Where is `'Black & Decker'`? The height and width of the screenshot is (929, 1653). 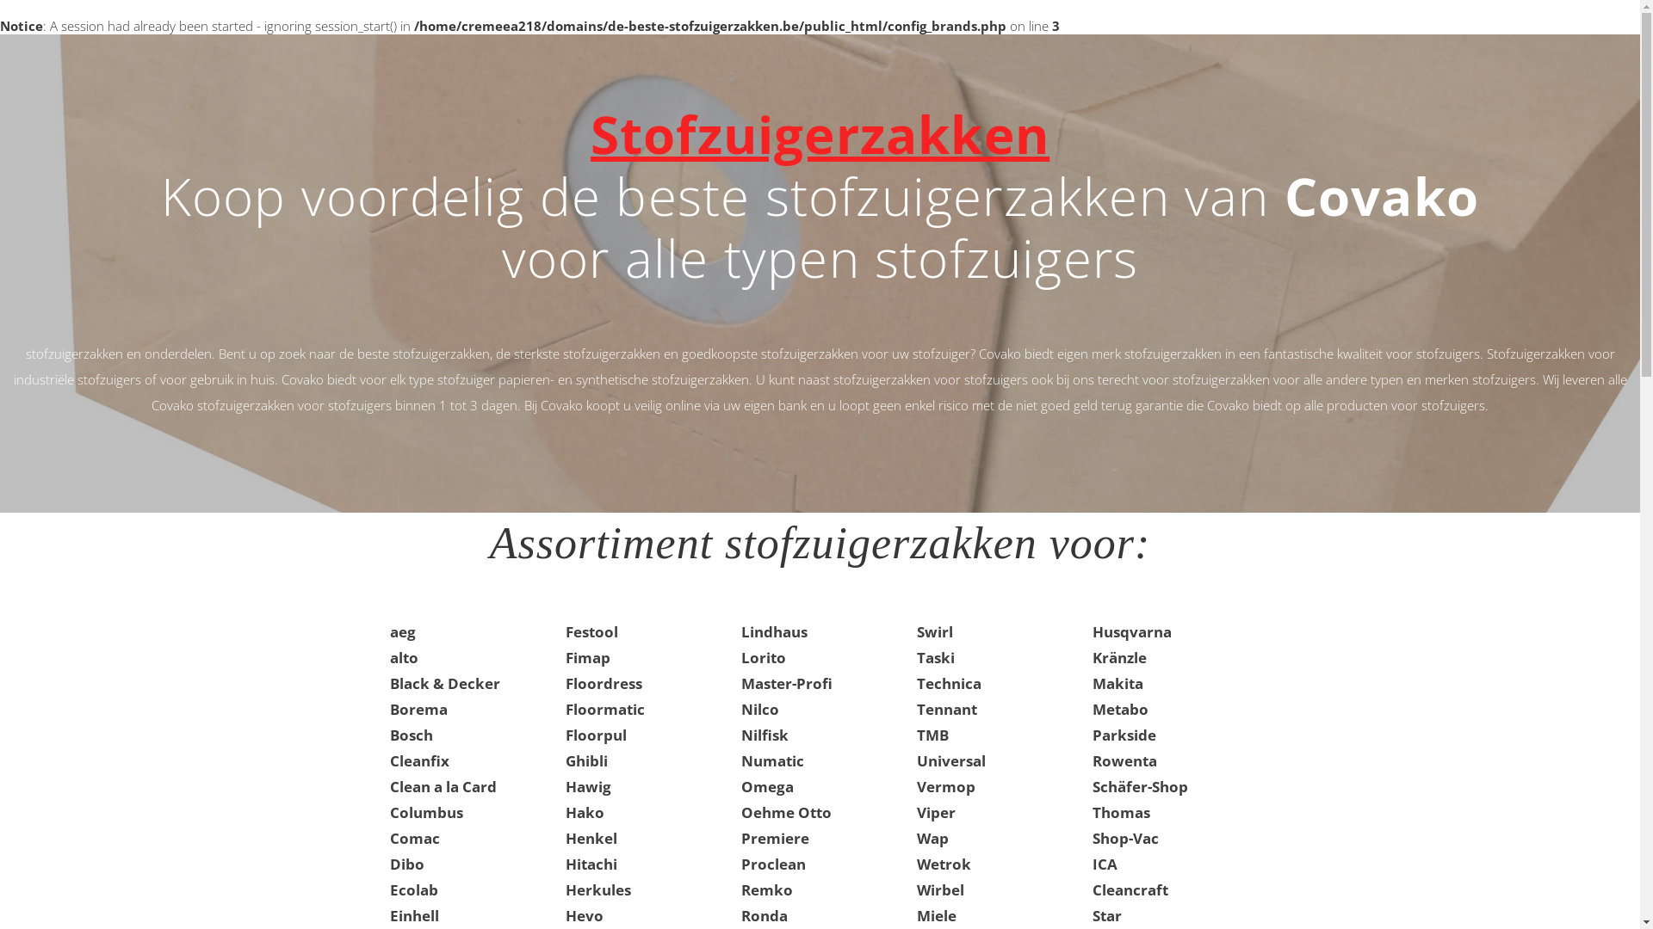 'Black & Decker' is located at coordinates (443, 682).